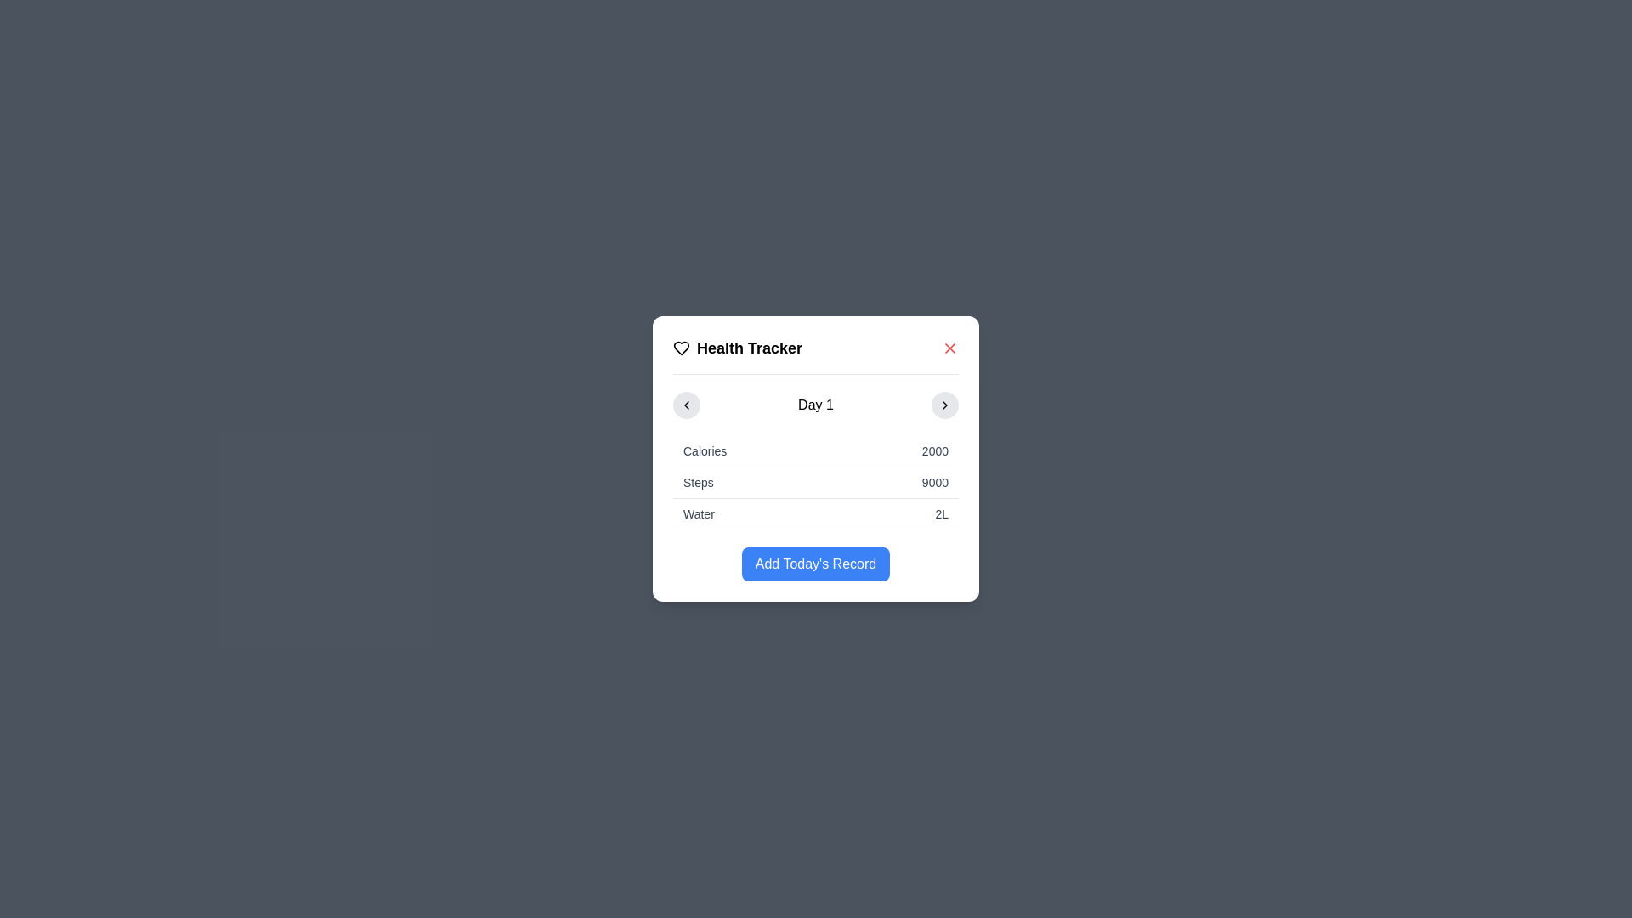 The width and height of the screenshot is (1632, 918). What do you see at coordinates (816, 564) in the screenshot?
I see `the blue rectangular button labeled 'Add Today's Record' located at the bottom center of the 'Health Tracker' modal` at bounding box center [816, 564].